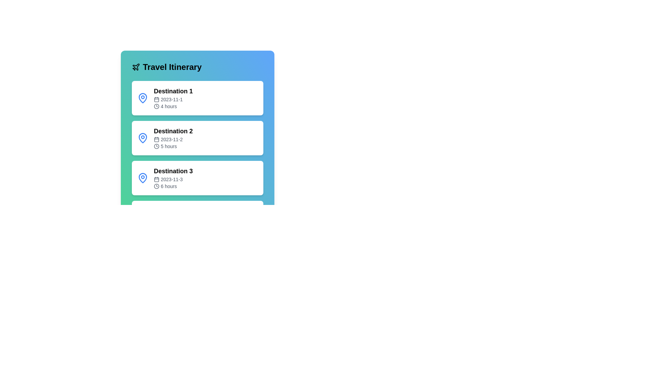  What do you see at coordinates (173, 138) in the screenshot?
I see `the informational text block containing 'Destination 2', '2023-11-2', and '5 hours', styled with bold font for the title and smaller gray text for the date and duration details` at bounding box center [173, 138].